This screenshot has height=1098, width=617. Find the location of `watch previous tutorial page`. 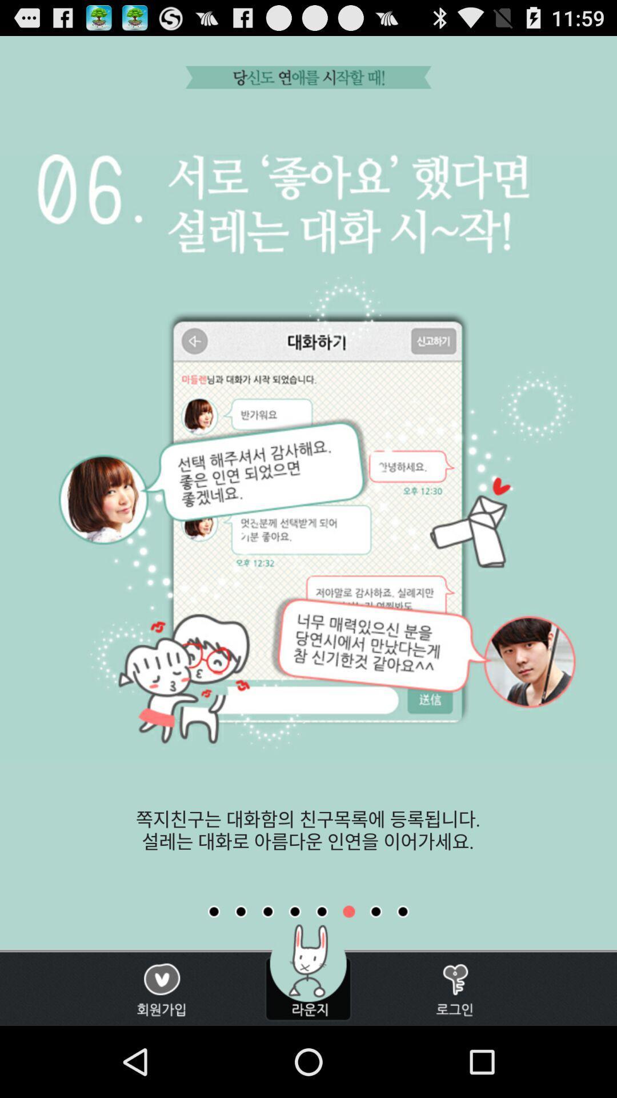

watch previous tutorial page is located at coordinates (322, 911).